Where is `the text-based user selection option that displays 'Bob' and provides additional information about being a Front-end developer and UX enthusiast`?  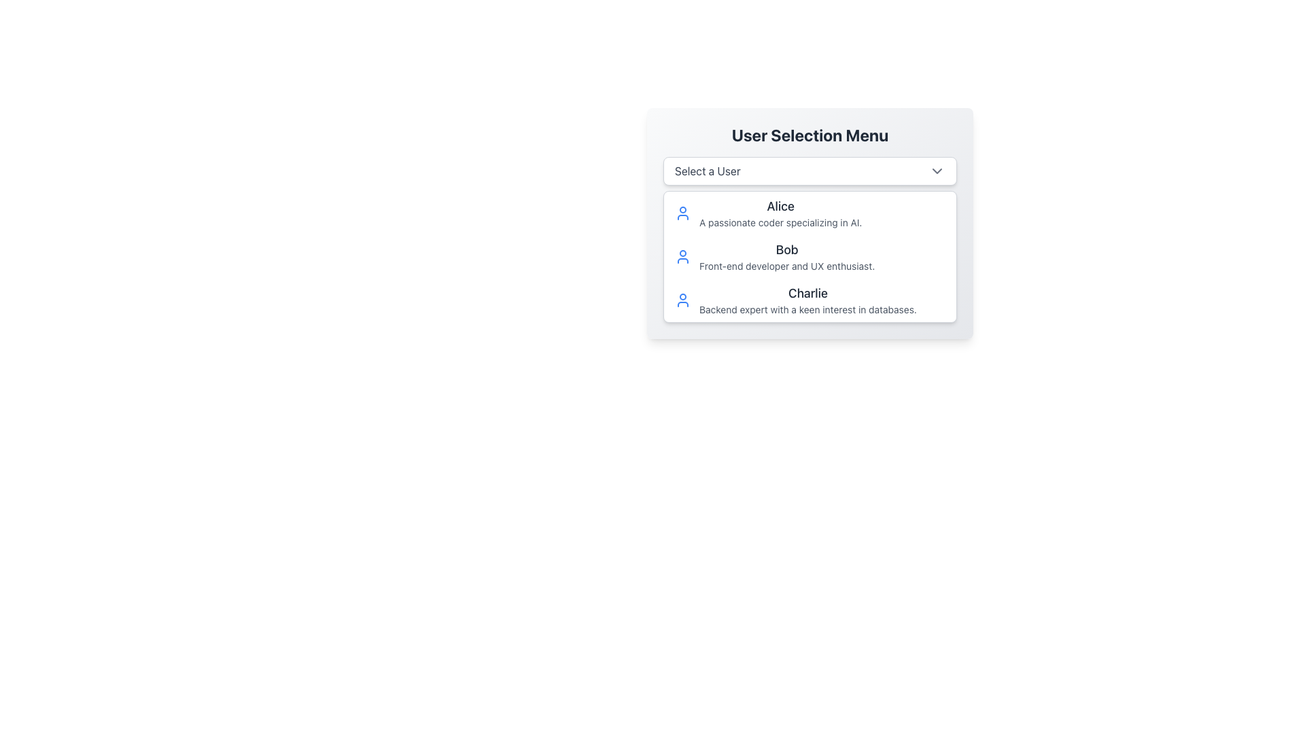 the text-based user selection option that displays 'Bob' and provides additional information about being a Front-end developer and UX enthusiast is located at coordinates (787, 257).